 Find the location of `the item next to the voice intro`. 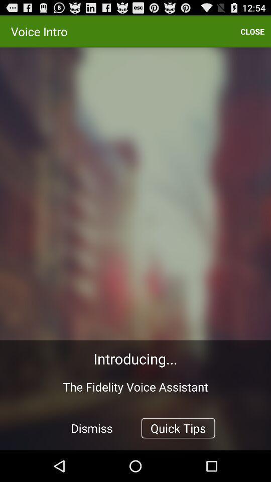

the item next to the voice intro is located at coordinates (252, 31).